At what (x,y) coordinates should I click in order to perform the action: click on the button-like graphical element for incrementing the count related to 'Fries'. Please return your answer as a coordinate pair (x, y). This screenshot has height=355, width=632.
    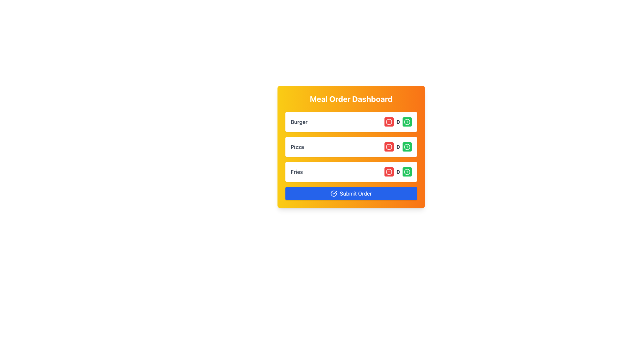
    Looking at the image, I should click on (407, 172).